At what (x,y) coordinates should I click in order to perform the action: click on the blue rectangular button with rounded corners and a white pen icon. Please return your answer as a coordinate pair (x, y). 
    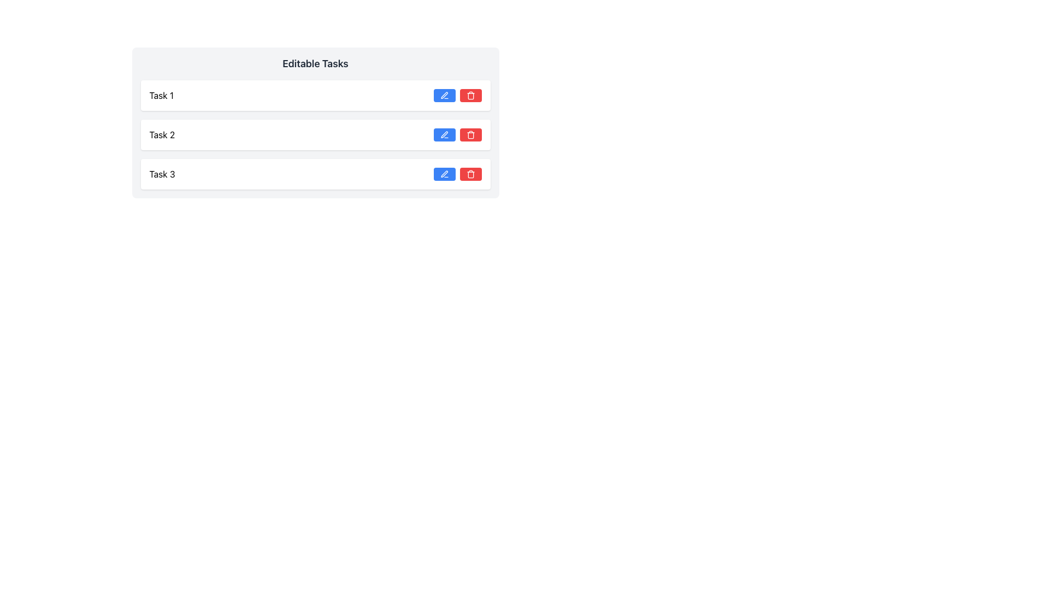
    Looking at the image, I should click on (444, 95).